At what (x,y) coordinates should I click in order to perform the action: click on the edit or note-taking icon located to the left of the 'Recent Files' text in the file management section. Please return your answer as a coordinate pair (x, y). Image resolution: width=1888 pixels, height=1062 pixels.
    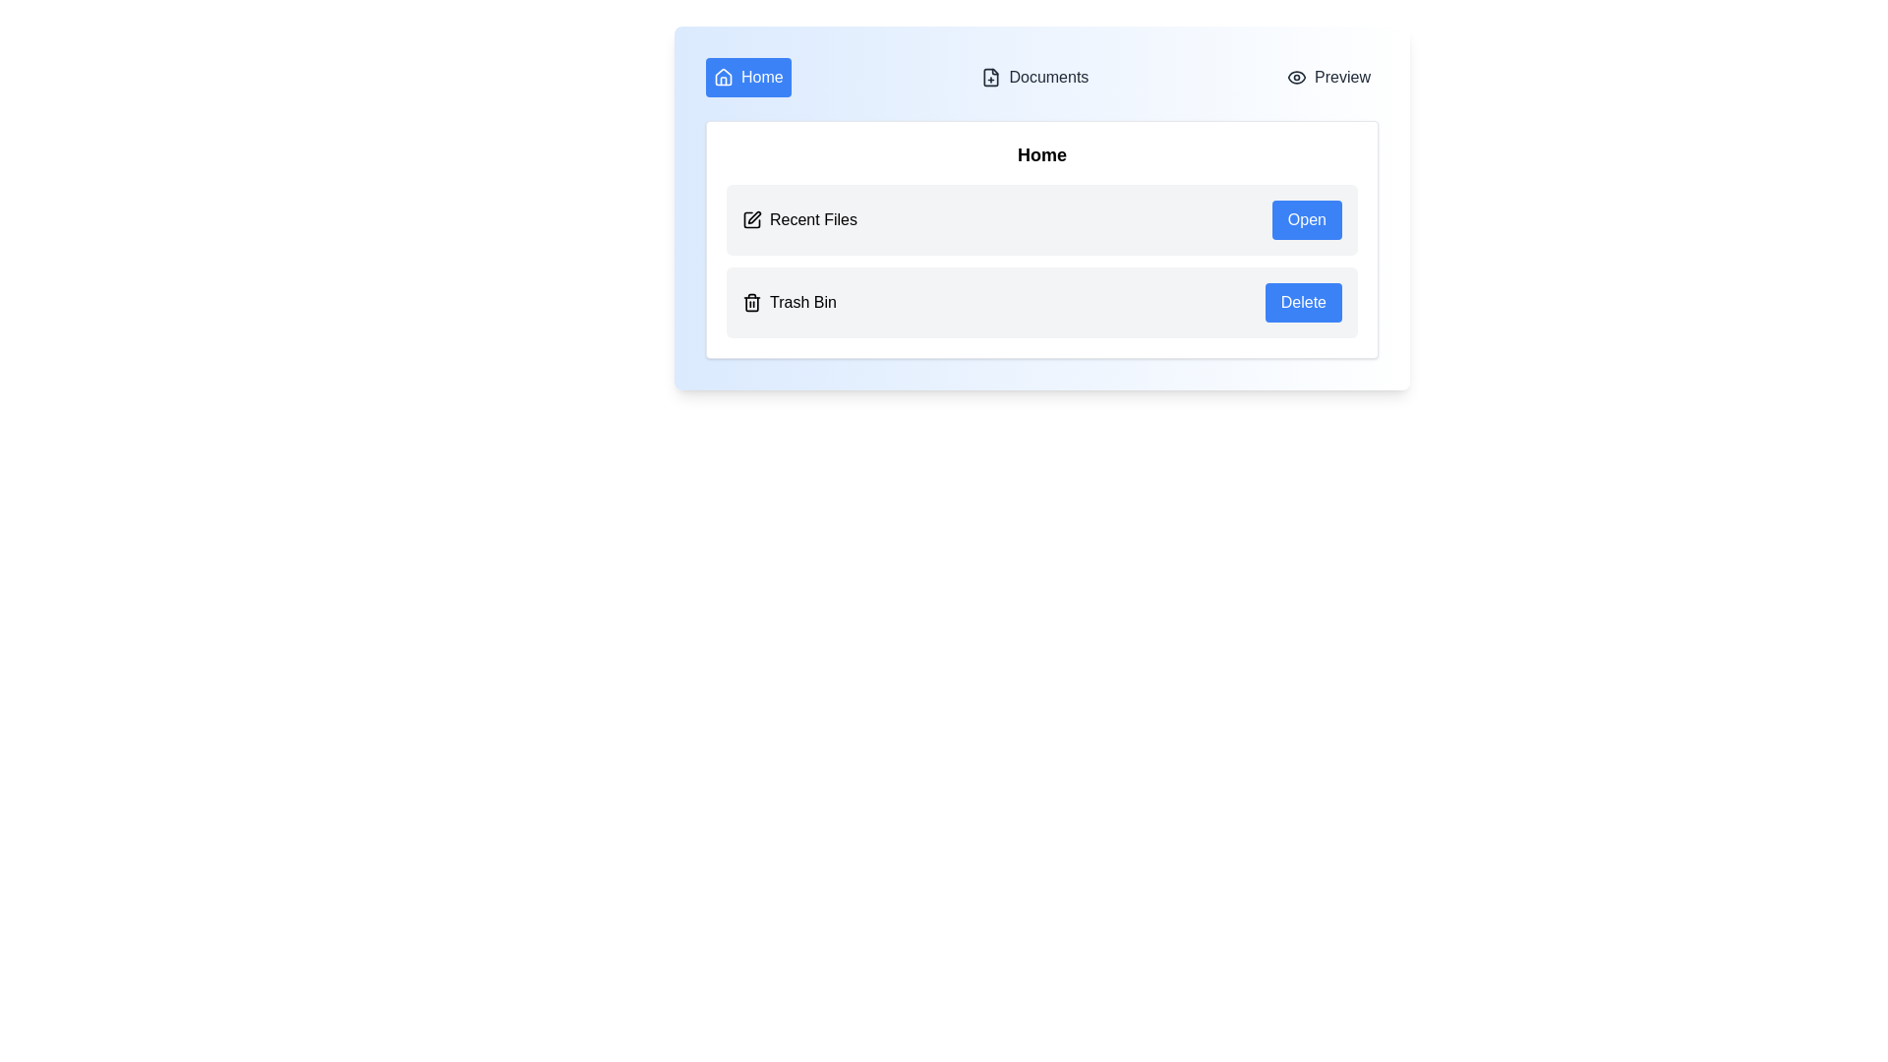
    Looking at the image, I should click on (750, 219).